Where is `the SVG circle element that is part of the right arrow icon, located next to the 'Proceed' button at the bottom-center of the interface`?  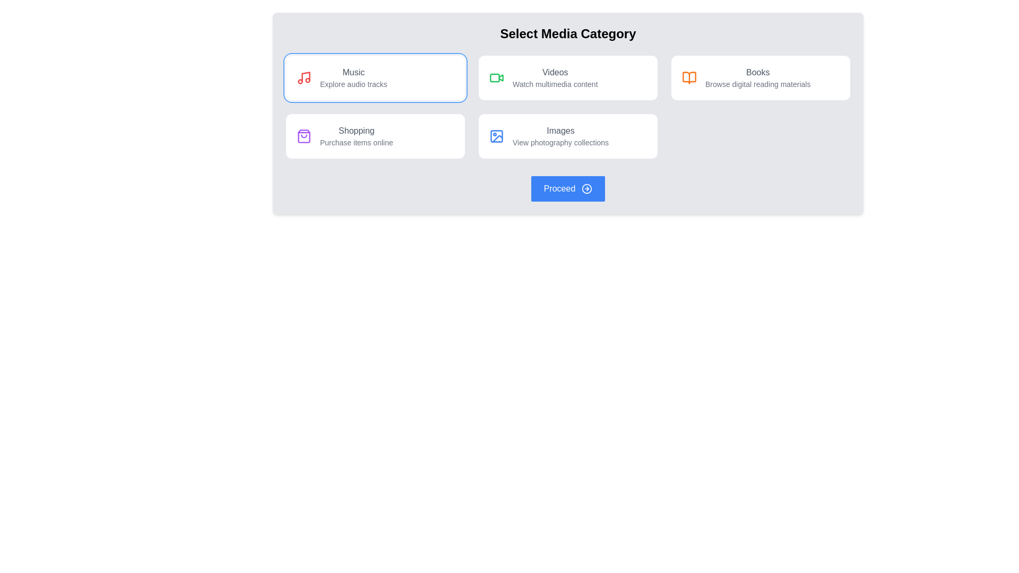
the SVG circle element that is part of the right arrow icon, located next to the 'Proceed' button at the bottom-center of the interface is located at coordinates (586, 188).